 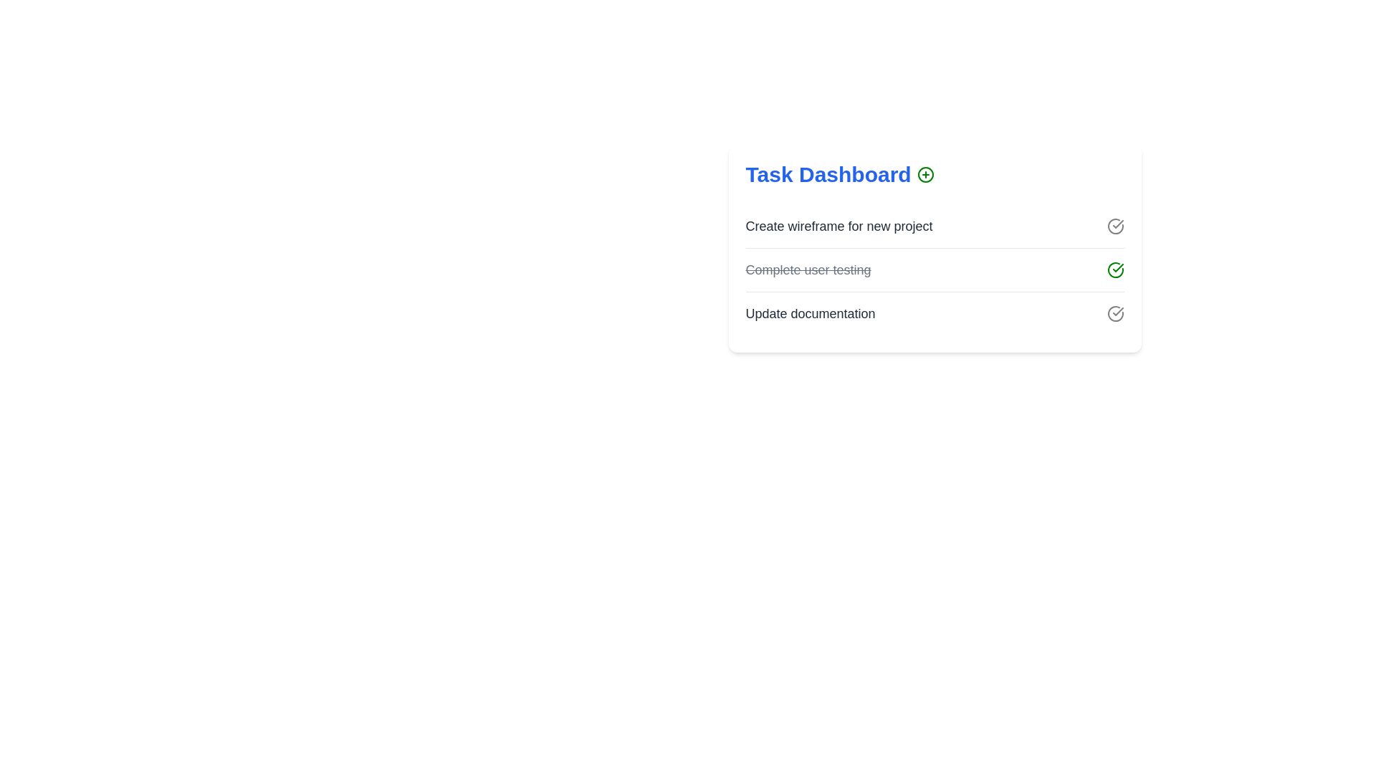 What do you see at coordinates (935, 173) in the screenshot?
I see `the header text 'Task Dashboard'` at bounding box center [935, 173].